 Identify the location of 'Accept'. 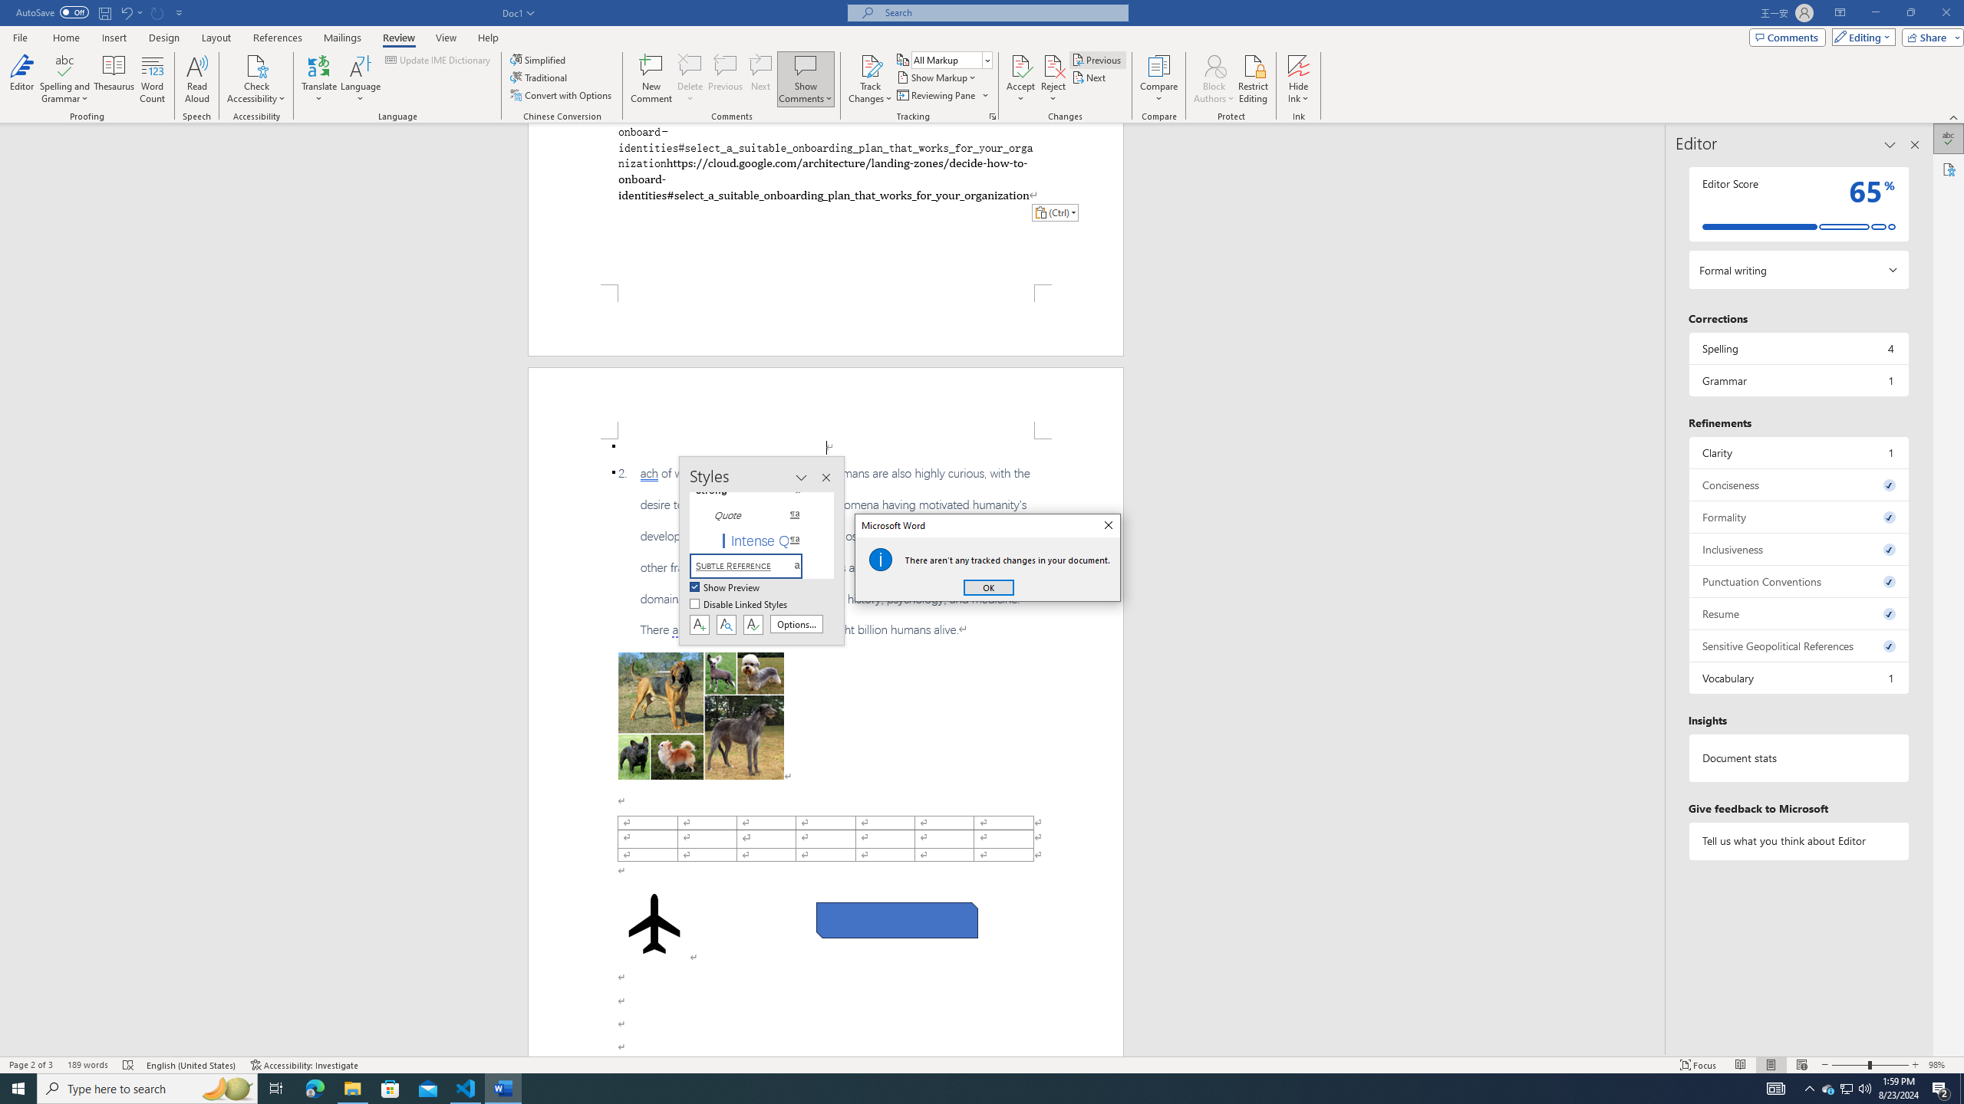
(1020, 79).